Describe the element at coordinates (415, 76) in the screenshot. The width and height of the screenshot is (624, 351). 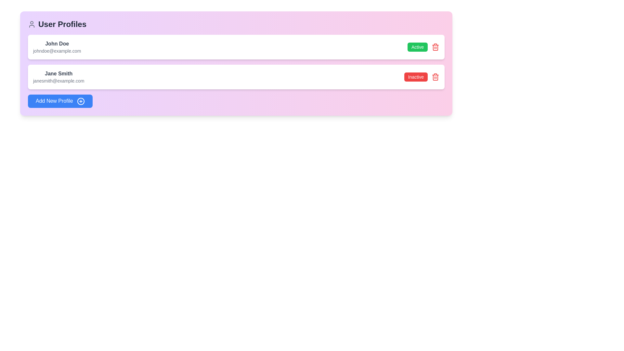
I see `the status indicator button located in the second row of the user profile list, which shows 'Inactive' status for Jane Smith` at that location.